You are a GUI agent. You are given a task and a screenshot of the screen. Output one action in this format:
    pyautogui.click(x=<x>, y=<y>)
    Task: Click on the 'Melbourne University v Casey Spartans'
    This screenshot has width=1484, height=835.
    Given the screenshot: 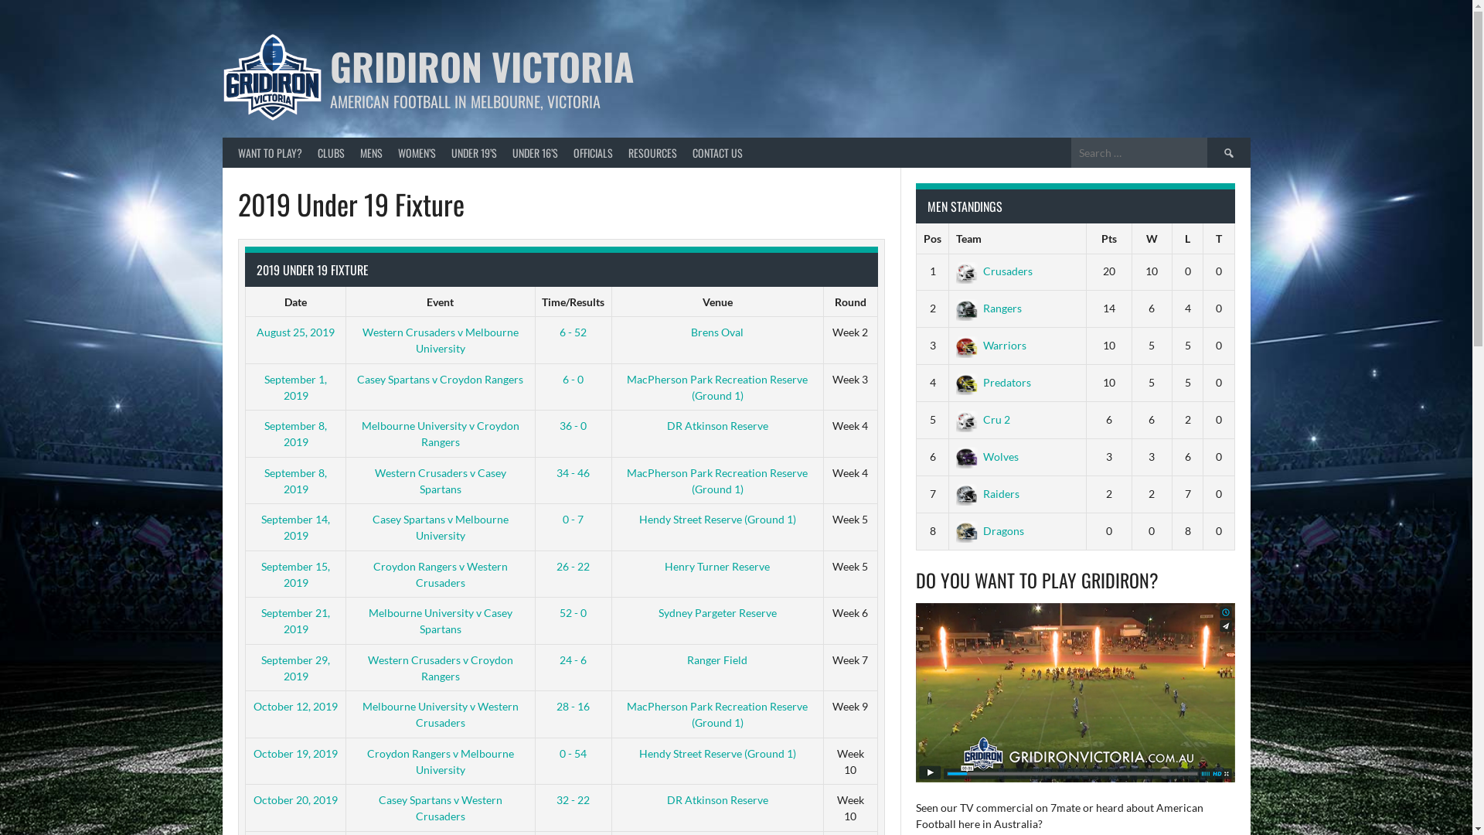 What is the action you would take?
    pyautogui.click(x=440, y=619)
    